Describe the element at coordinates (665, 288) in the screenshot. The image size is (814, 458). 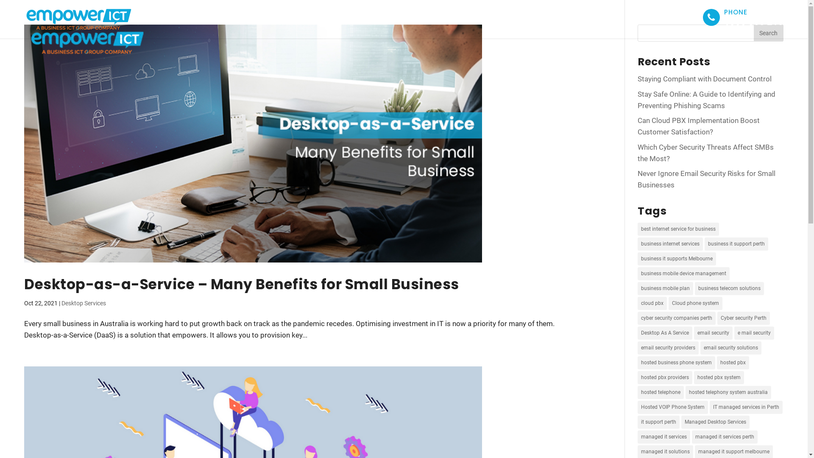
I see `'business mobile plan'` at that location.